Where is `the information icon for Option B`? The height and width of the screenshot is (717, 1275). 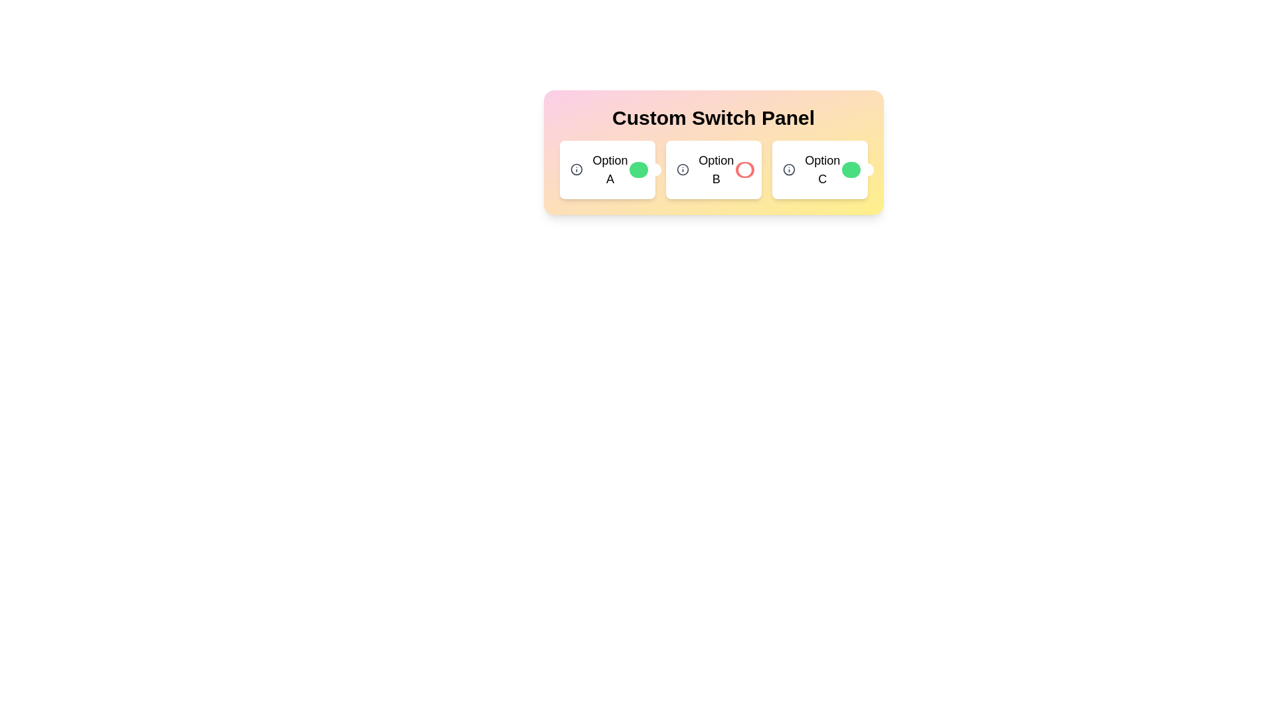 the information icon for Option B is located at coordinates (683, 169).